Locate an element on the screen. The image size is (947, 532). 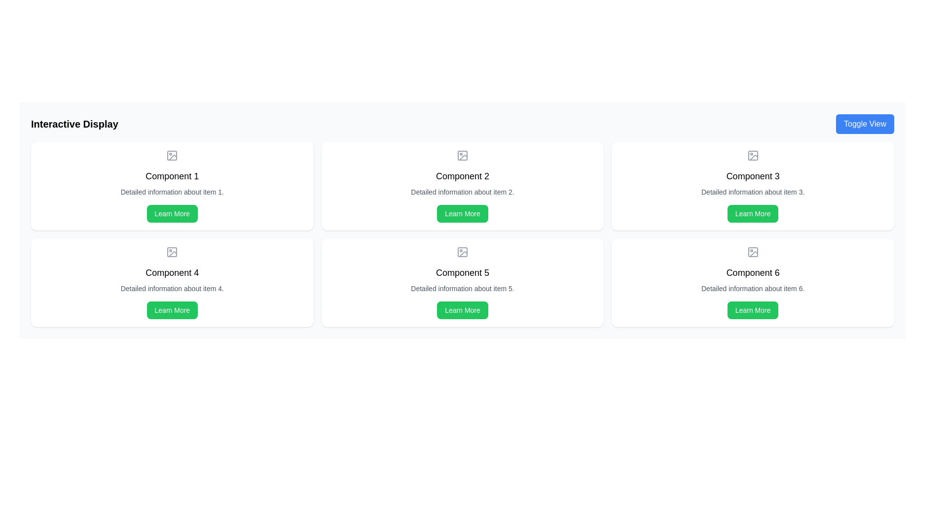
the SVG rectangle with rounded corners that has a light gray outline, located in the 'Component 4' section of the layout grid is located at coordinates (172, 252).